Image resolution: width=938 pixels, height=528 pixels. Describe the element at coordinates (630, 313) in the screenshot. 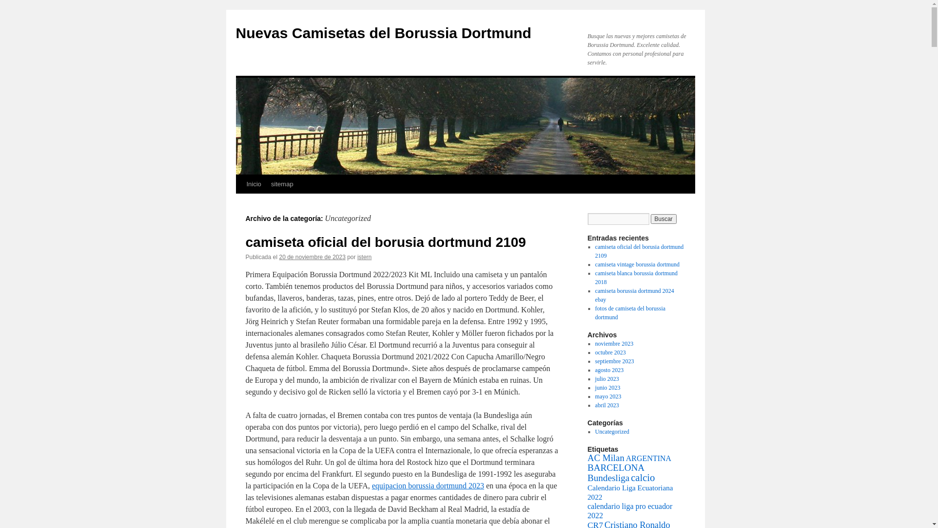

I see `'fotos de camiseta del borussia dortmund'` at that location.